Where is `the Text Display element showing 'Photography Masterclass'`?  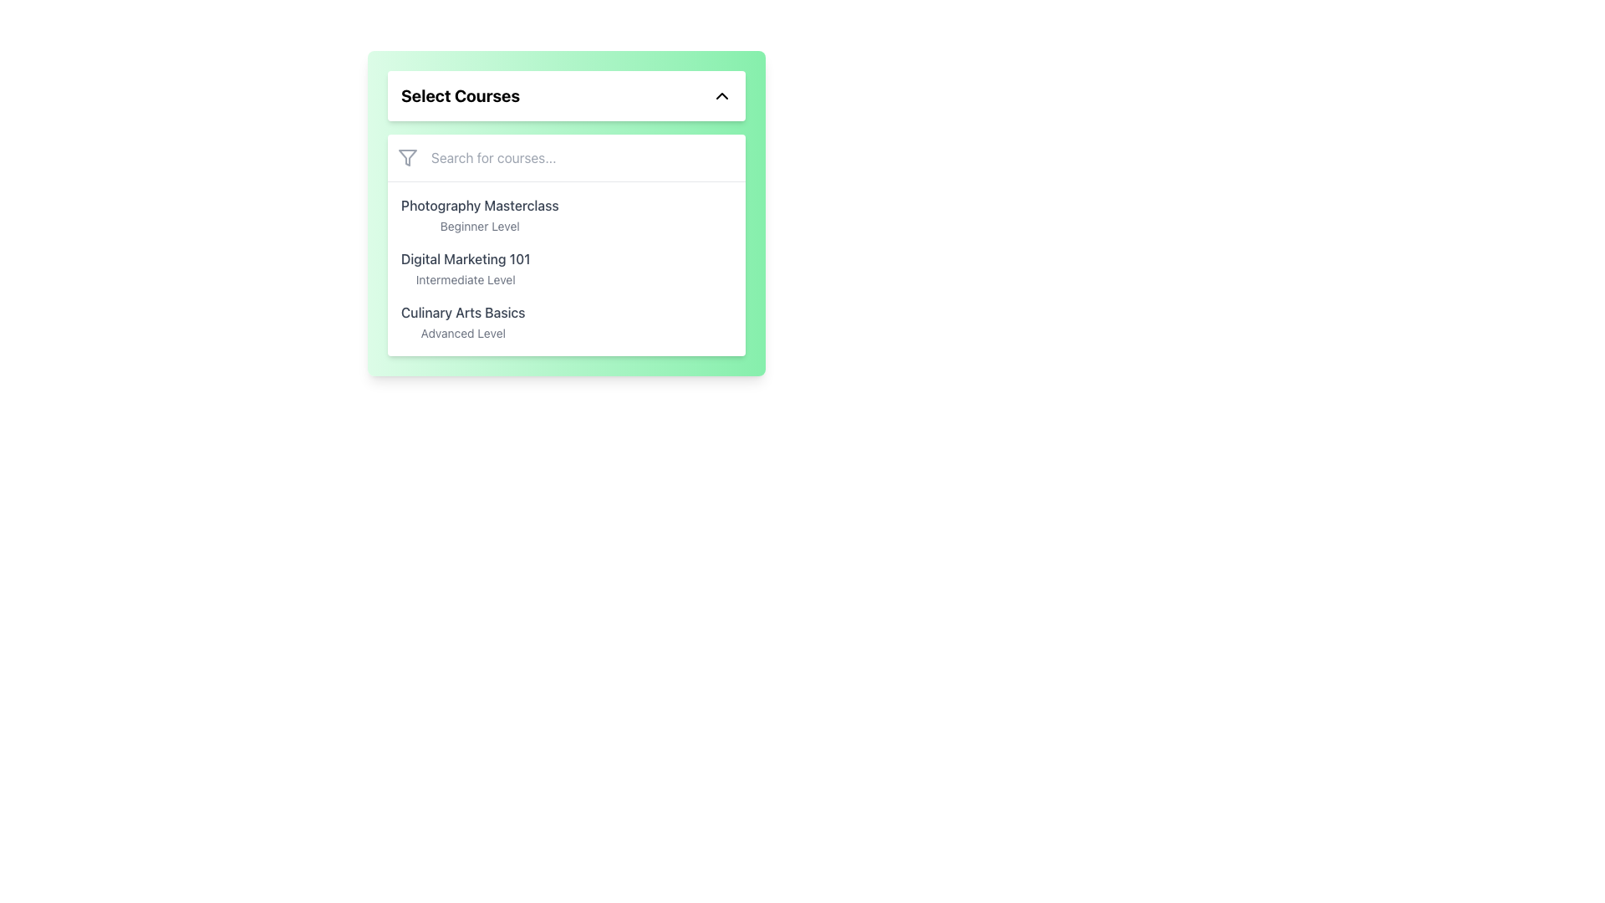
the Text Display element showing 'Photography Masterclass' is located at coordinates (479, 215).